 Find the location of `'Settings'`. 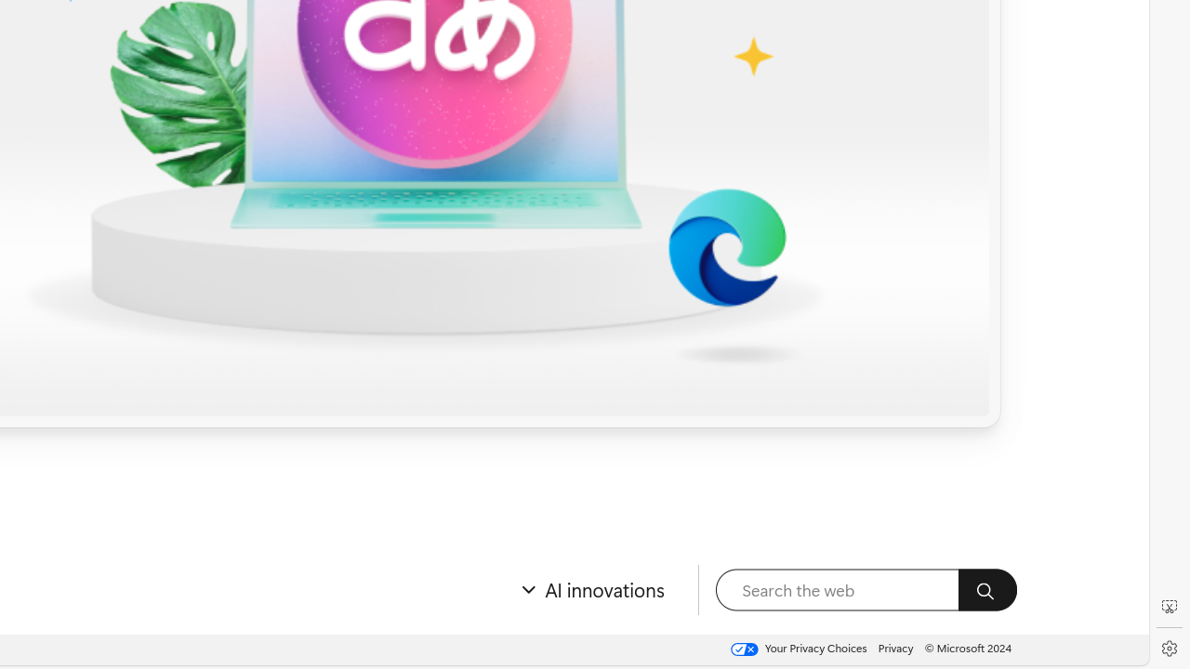

'Settings' is located at coordinates (1168, 647).